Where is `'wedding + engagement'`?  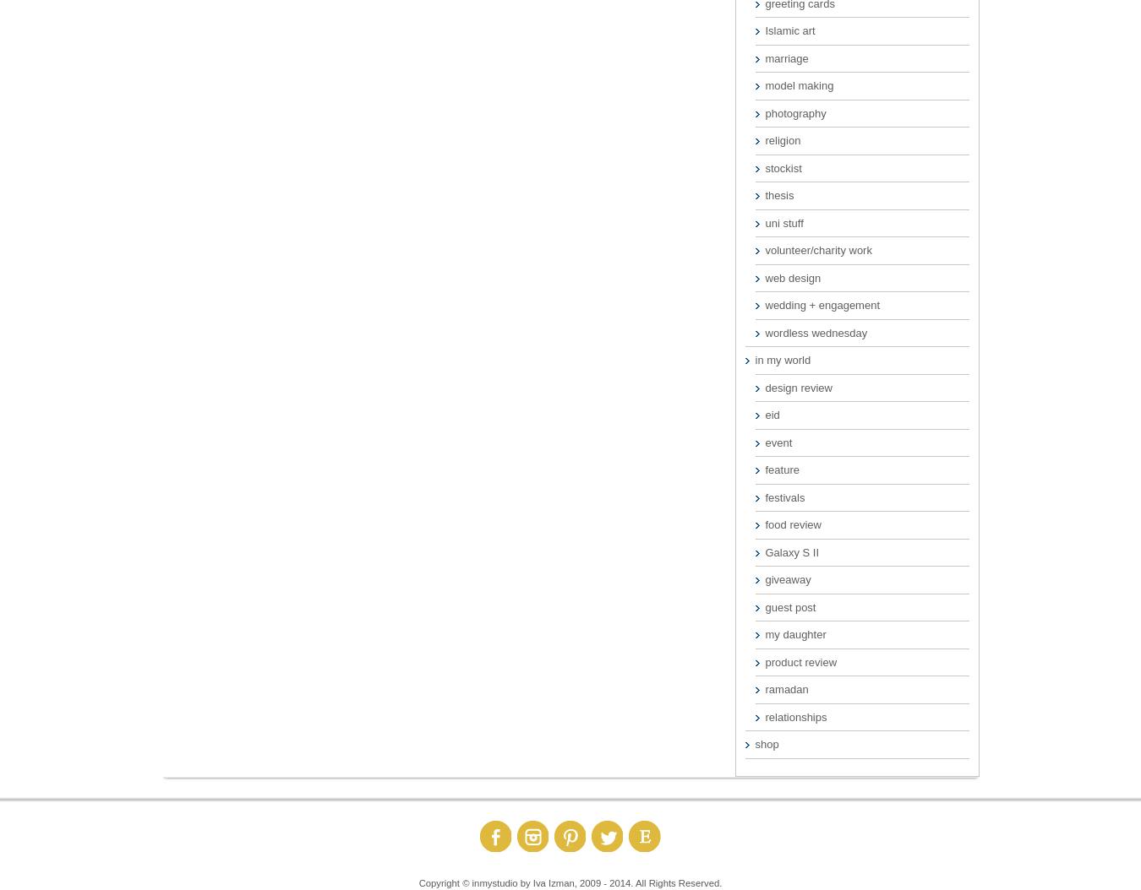 'wedding + engagement' is located at coordinates (821, 305).